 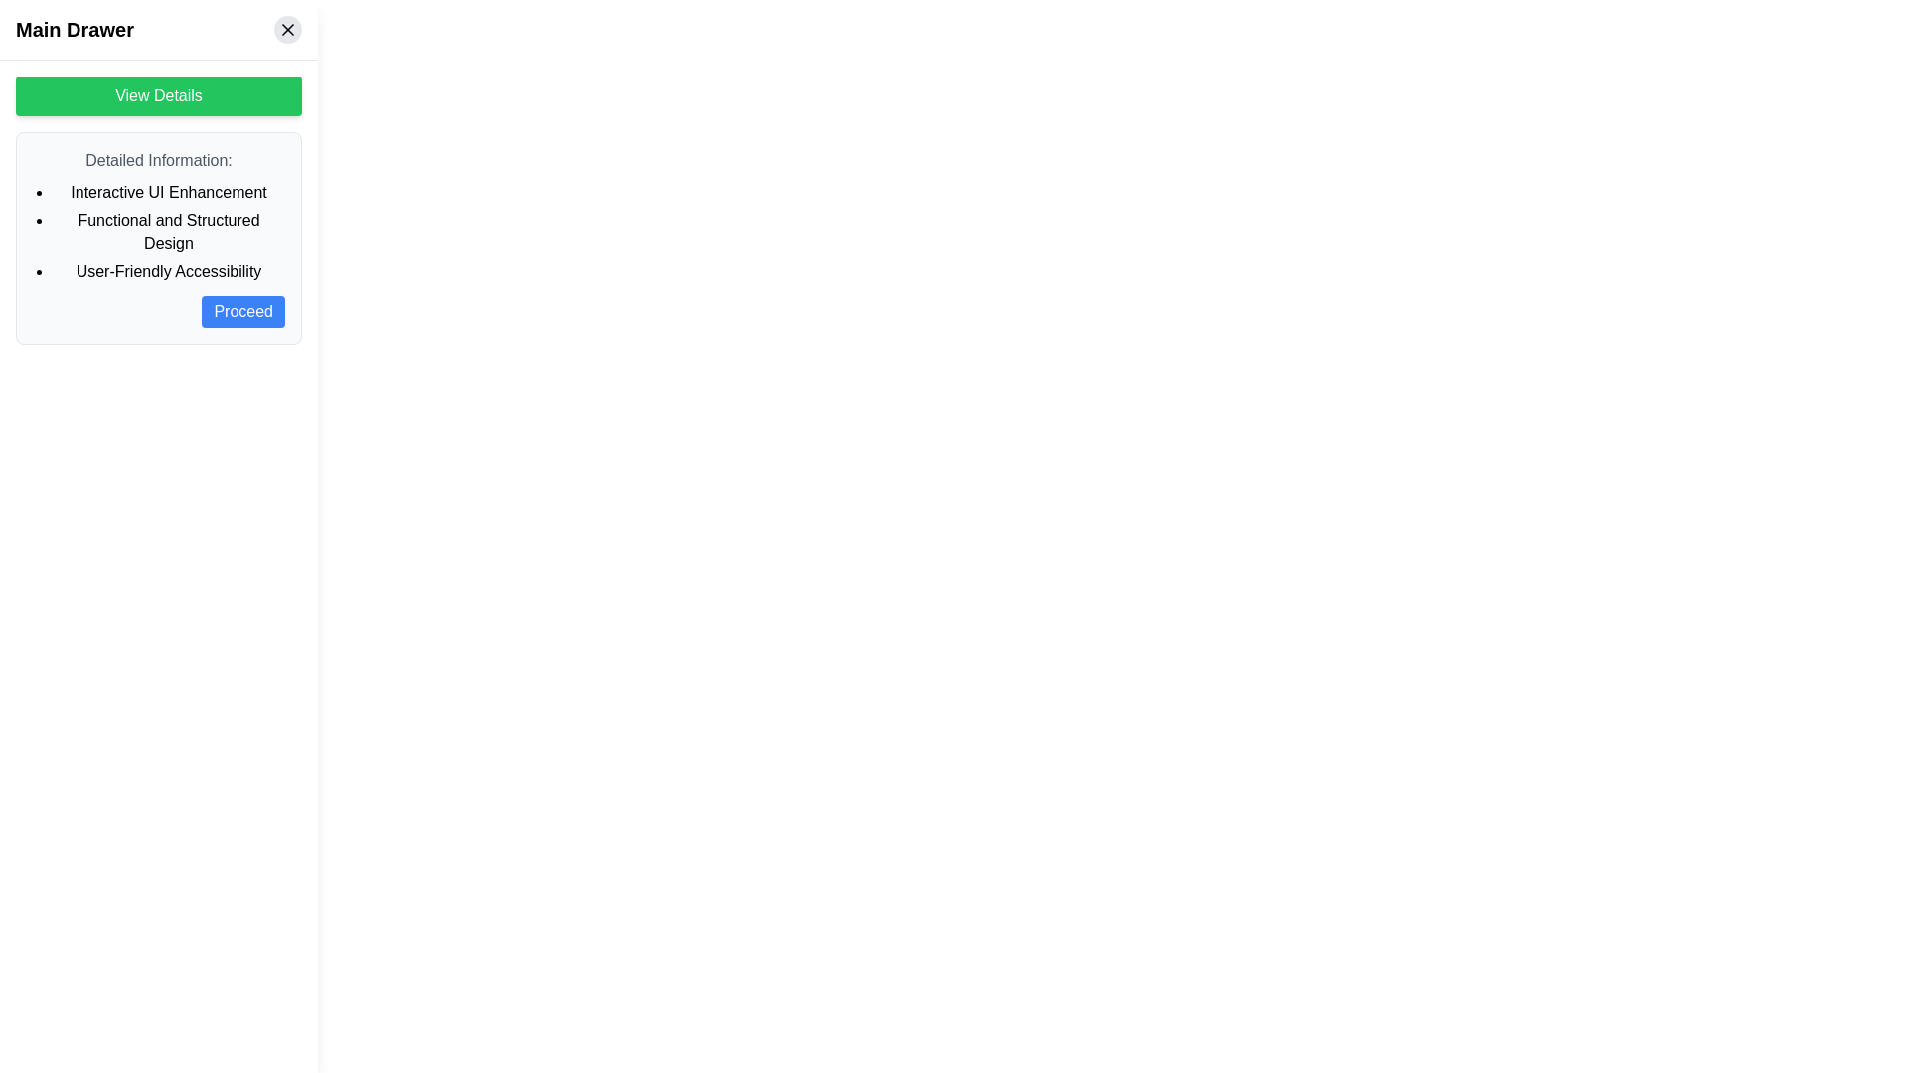 What do you see at coordinates (39, 39) in the screenshot?
I see `the three-horizontal-line menu icon with a blue circular background located at the top-left corner of the interface` at bounding box center [39, 39].